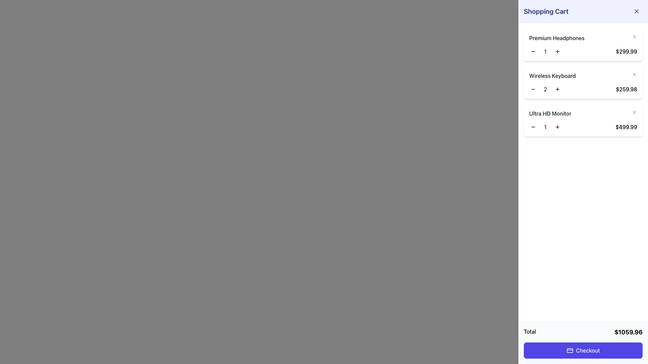 Image resolution: width=648 pixels, height=364 pixels. Describe the element at coordinates (557, 38) in the screenshot. I see `the text label of the first item in the shopping cart, which is positioned above the quantity controls and the price` at that location.